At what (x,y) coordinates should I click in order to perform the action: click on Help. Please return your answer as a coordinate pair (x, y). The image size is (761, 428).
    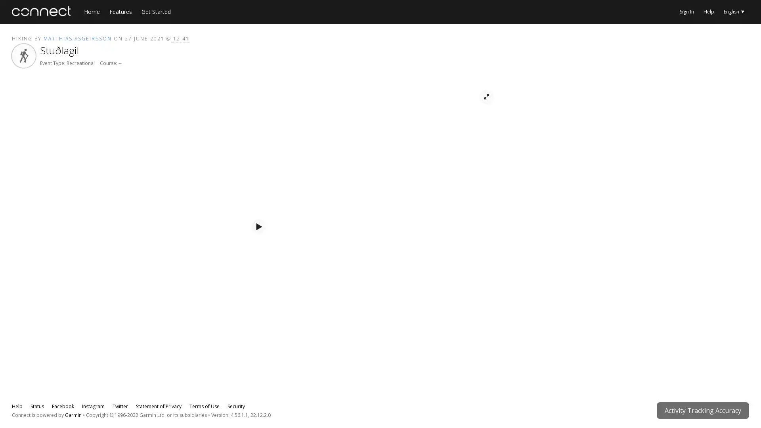
    Looking at the image, I should click on (39, 373).